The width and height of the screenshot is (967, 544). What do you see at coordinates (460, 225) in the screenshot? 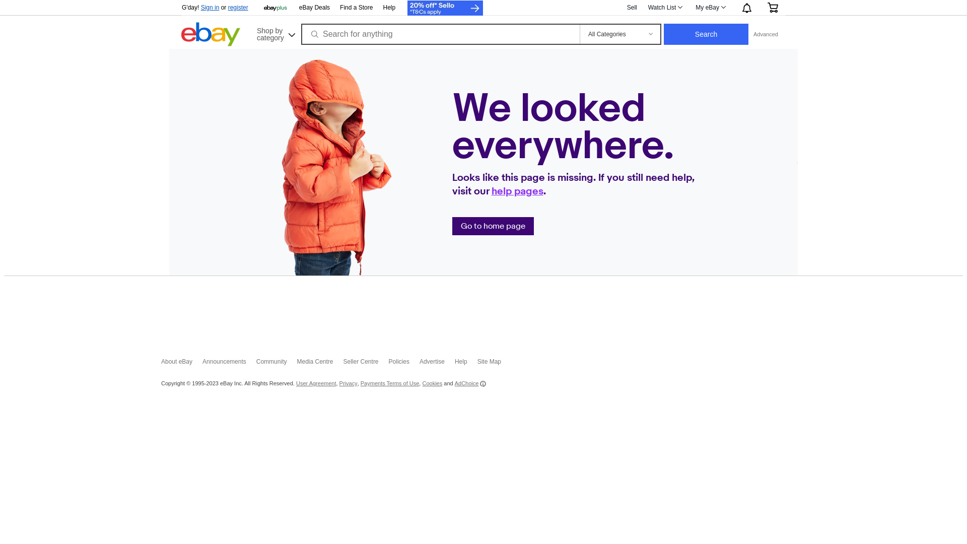
I see `'Go to home page'` at bounding box center [460, 225].